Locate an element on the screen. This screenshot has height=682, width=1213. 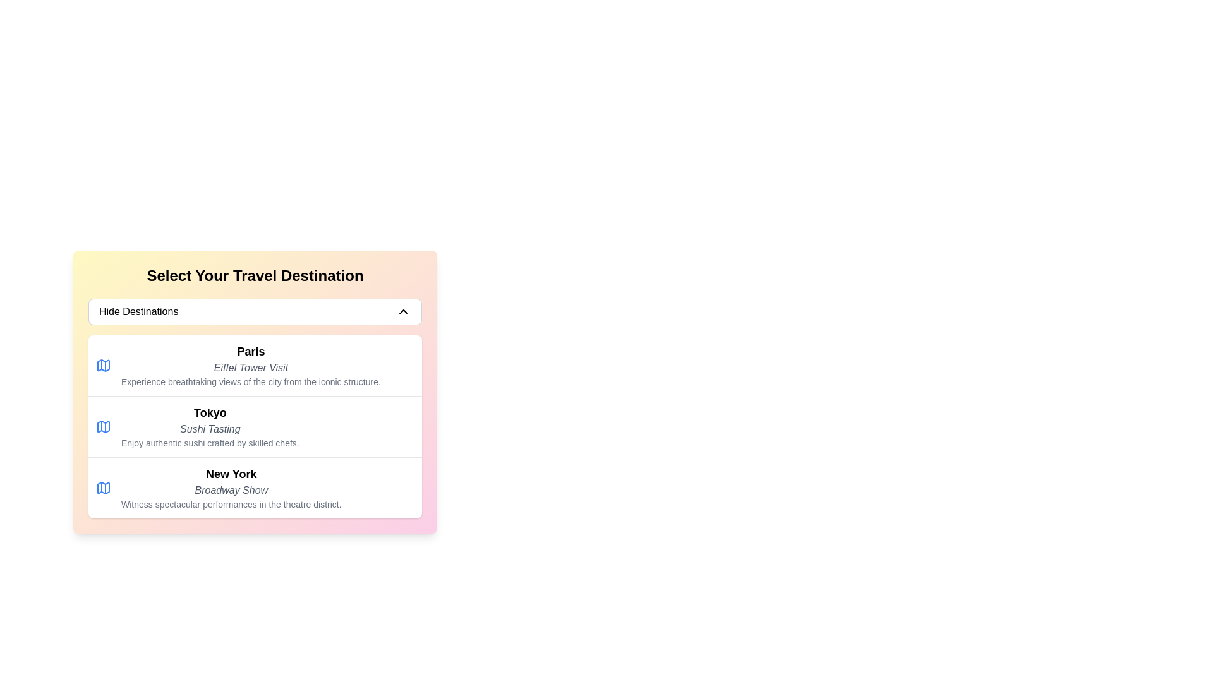
the static text label that describes the activity 'Broadway Show', positioned below 'New York' and above the descriptive text about performances is located at coordinates (231, 489).